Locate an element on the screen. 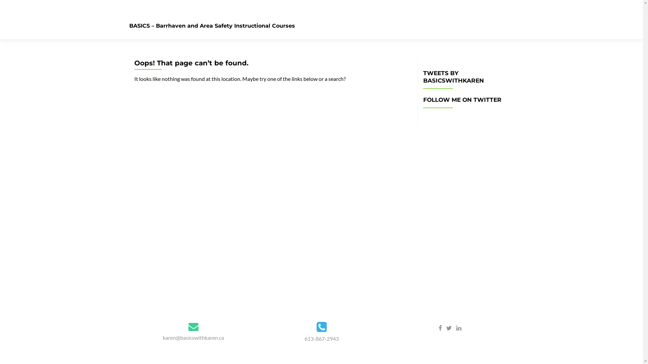 The width and height of the screenshot is (648, 364). 'Linkedin link' is located at coordinates (459, 327).